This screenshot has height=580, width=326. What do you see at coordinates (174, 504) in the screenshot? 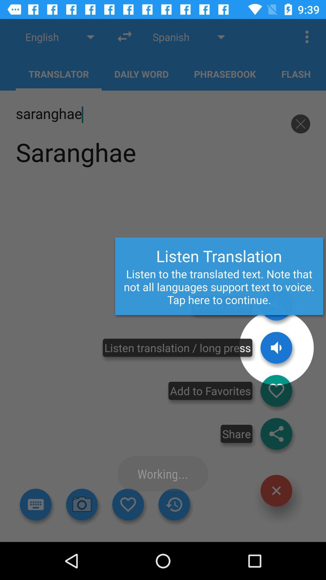
I see `the history icon` at bounding box center [174, 504].